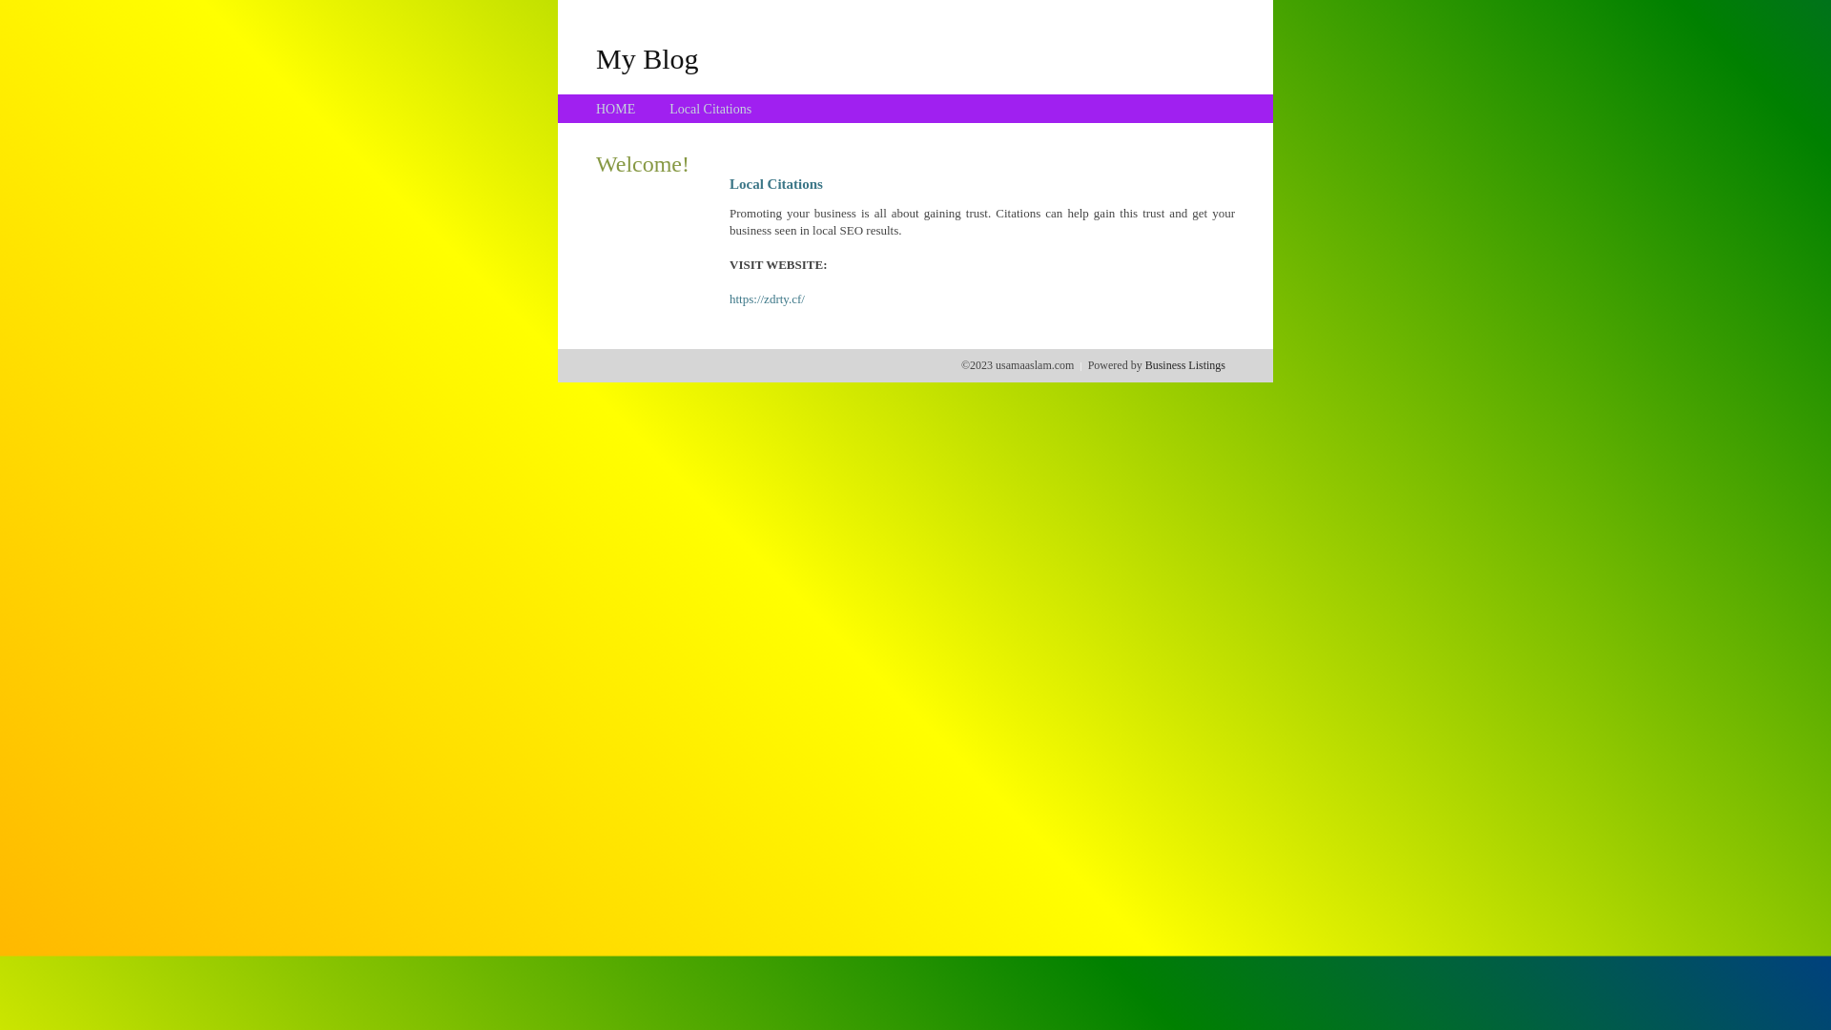 This screenshot has width=1831, height=1030. What do you see at coordinates (709, 109) in the screenshot?
I see `'Local Citations'` at bounding box center [709, 109].